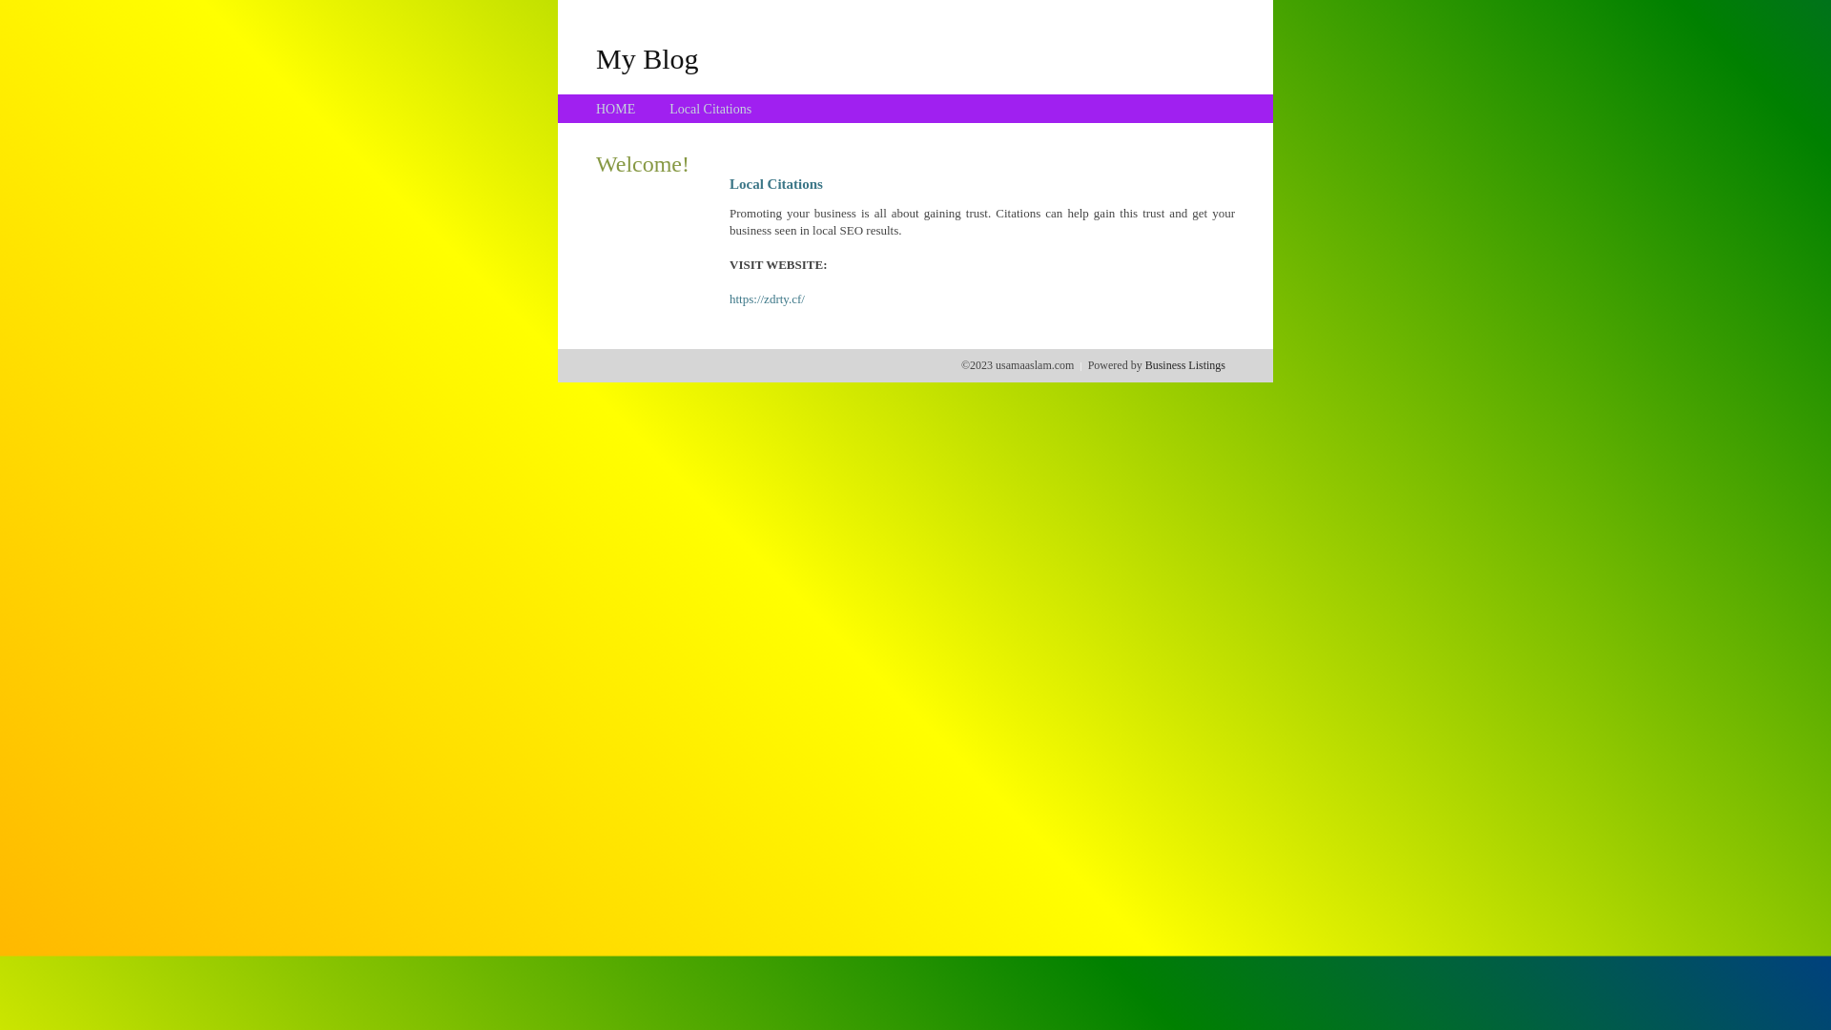 This screenshot has width=1831, height=1030. What do you see at coordinates (709, 109) in the screenshot?
I see `'Local Citations'` at bounding box center [709, 109].